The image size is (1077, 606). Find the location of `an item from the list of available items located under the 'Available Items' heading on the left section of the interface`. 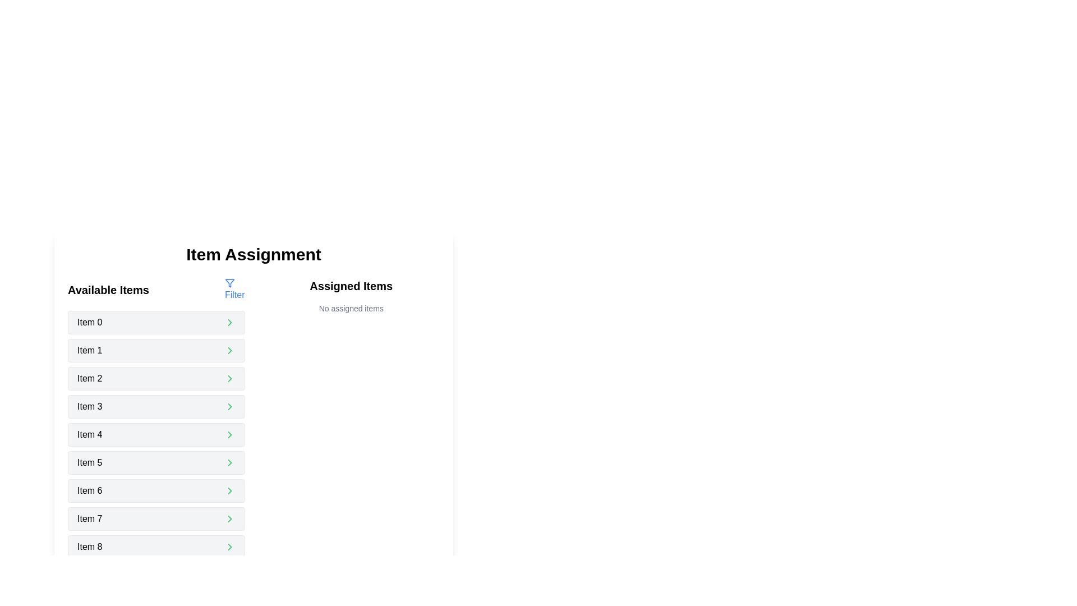

an item from the list of available items located under the 'Available Items' heading on the left section of the interface is located at coordinates (155, 448).